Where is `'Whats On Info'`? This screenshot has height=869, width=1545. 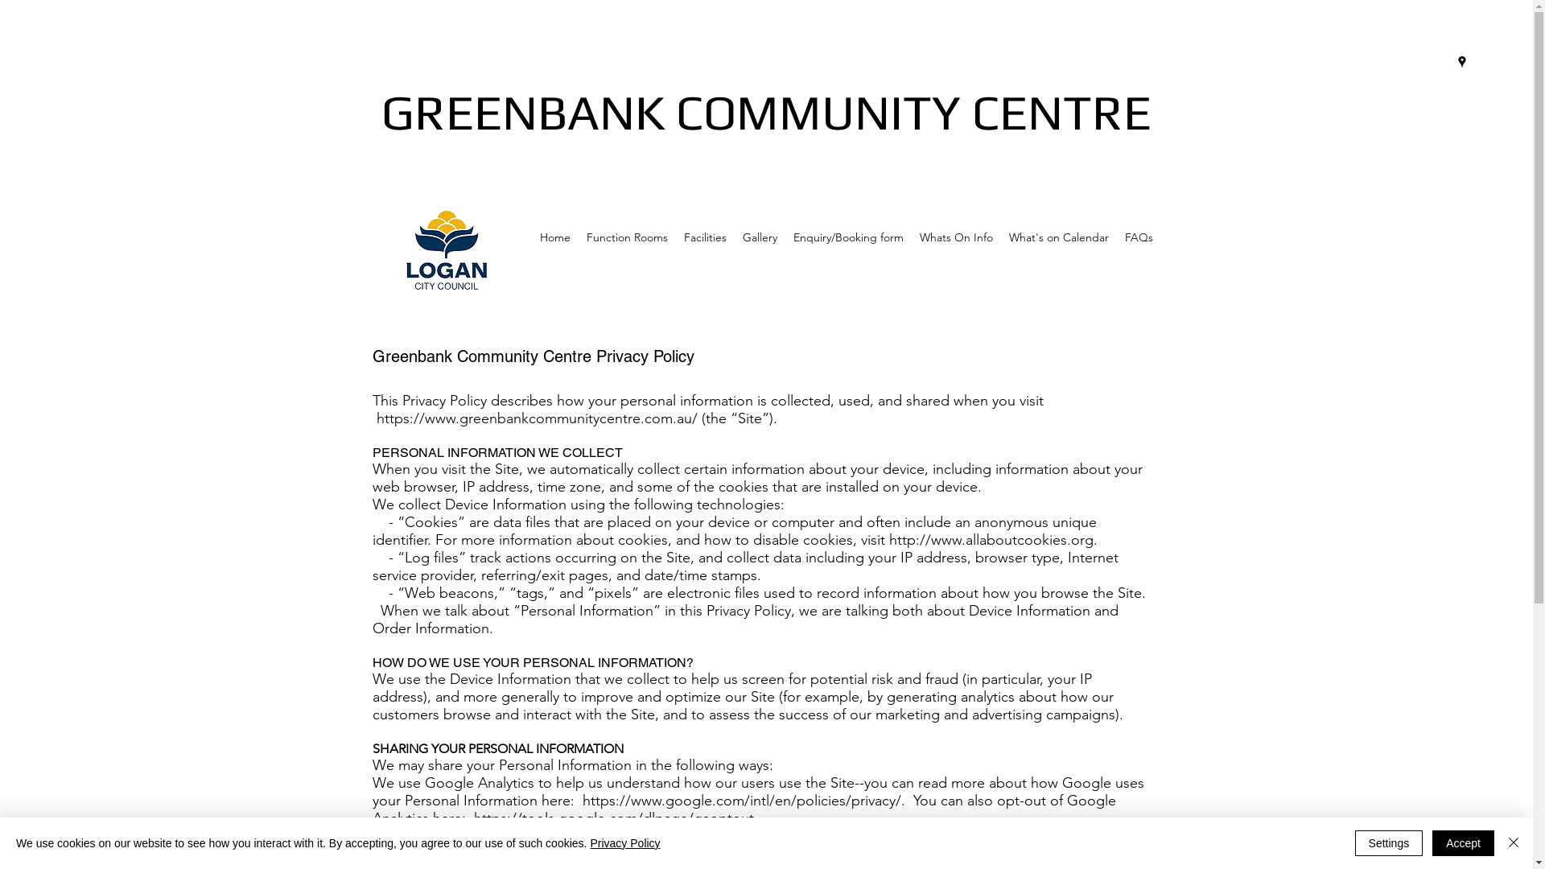
'Whats On Info' is located at coordinates (911, 237).